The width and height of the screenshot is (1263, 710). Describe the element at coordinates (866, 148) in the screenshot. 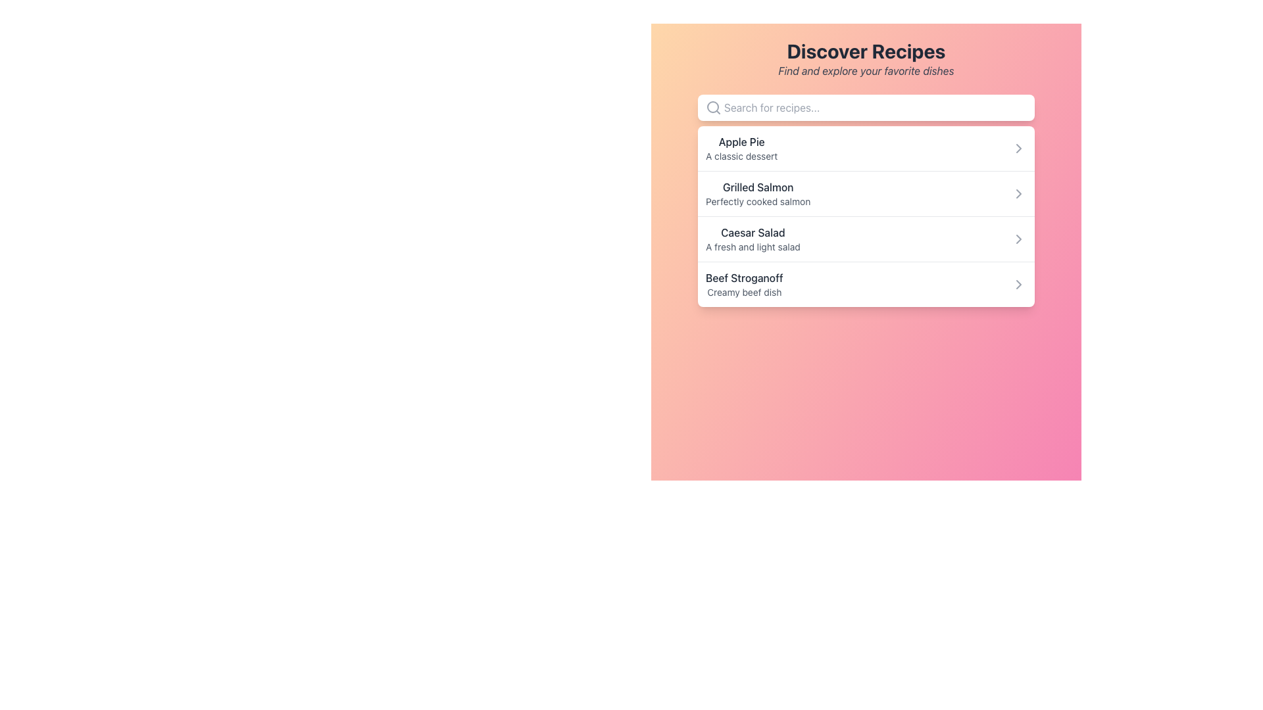

I see `the first list item representing 'Apple Pie' located under the search bar` at that location.